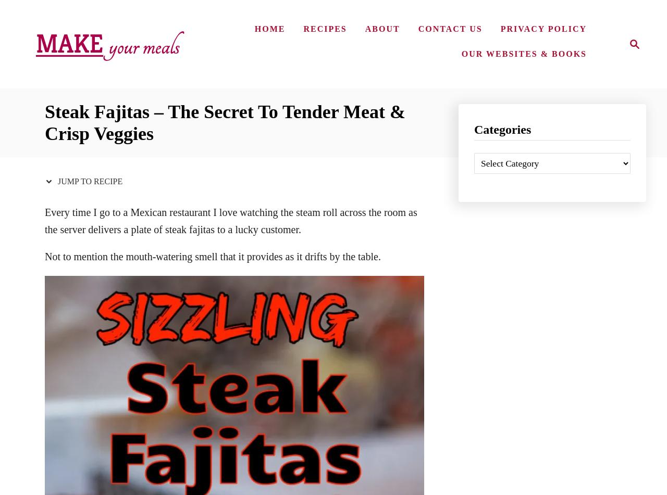 The width and height of the screenshot is (667, 495). What do you see at coordinates (212, 256) in the screenshot?
I see `'Not to mention the mouth-watering smell that it provides as it drifts by the table.'` at bounding box center [212, 256].